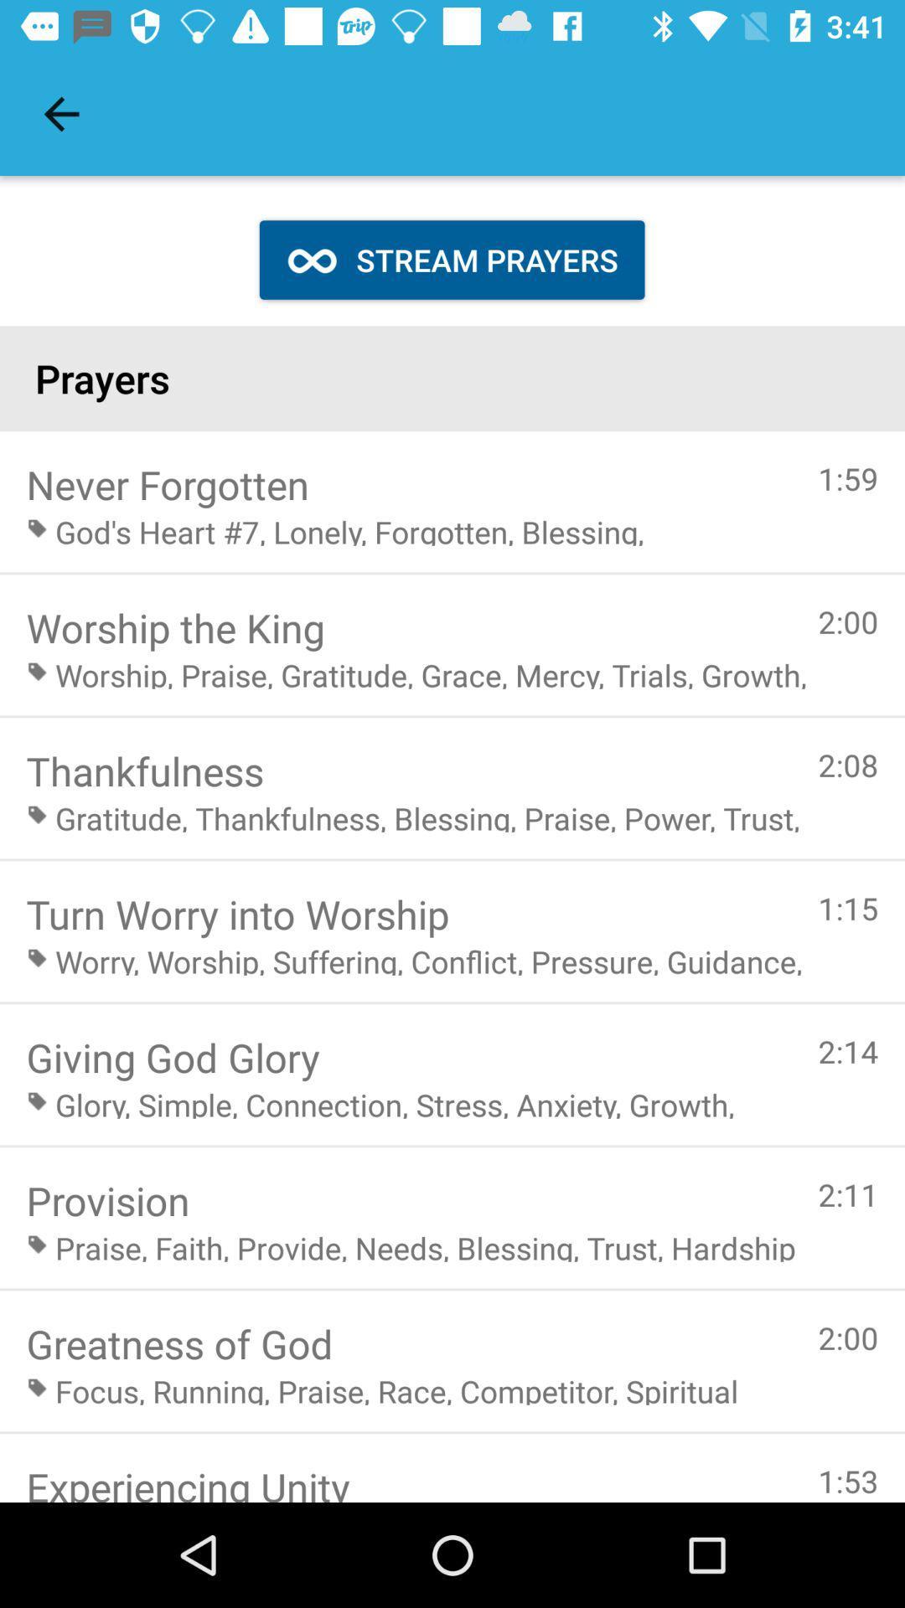 This screenshot has height=1608, width=905. Describe the element at coordinates (451, 259) in the screenshot. I see `item above the prayers` at that location.